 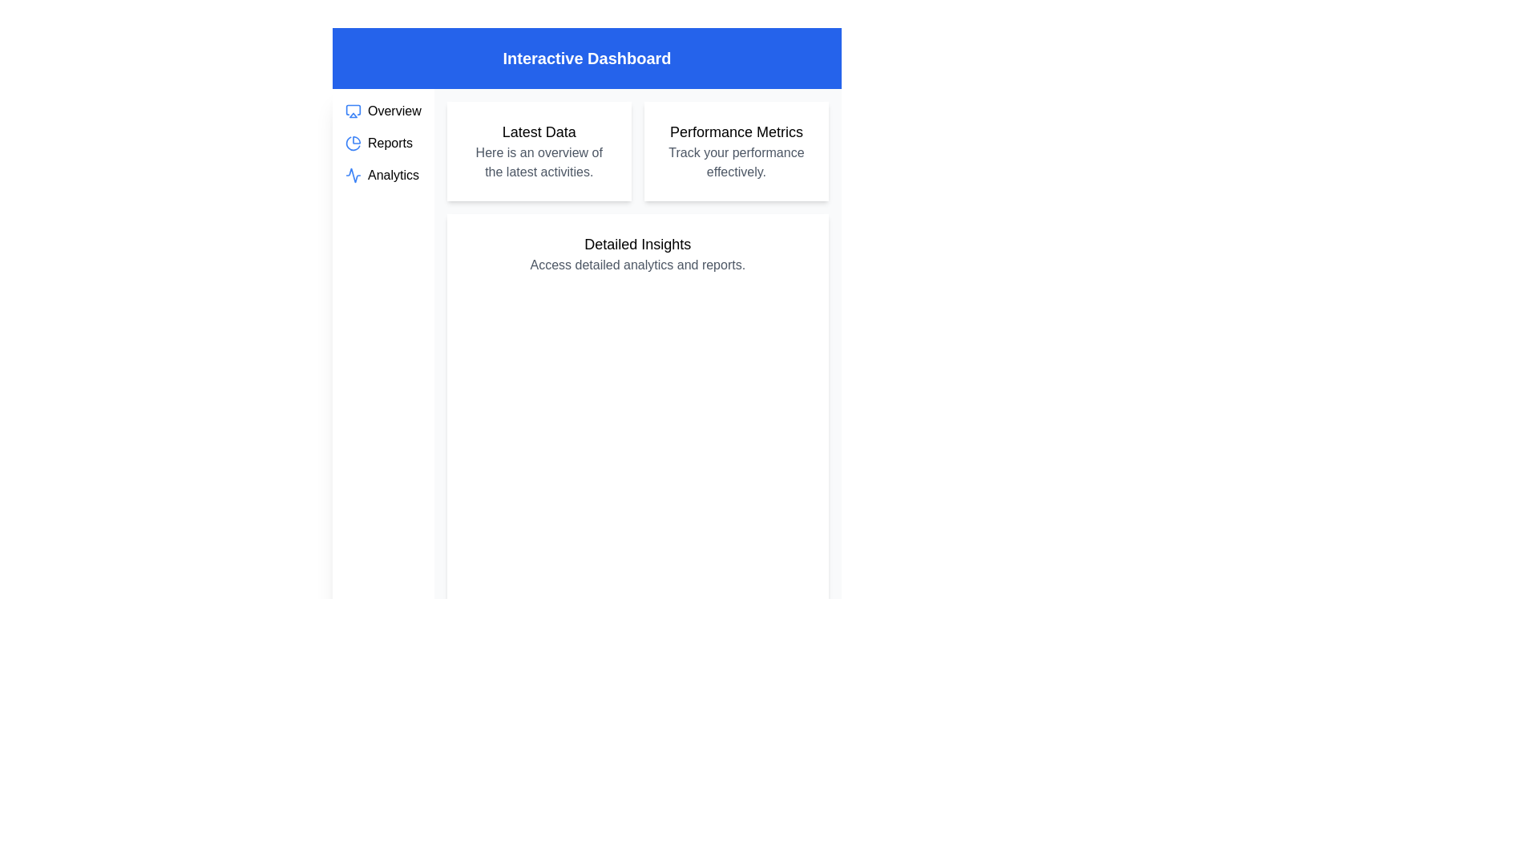 What do you see at coordinates (382, 142) in the screenshot?
I see `the 'Reports' label in the vertical navigation menu, which is styled with a blue icon and black text, located in the leftmost sidebar of the application interface` at bounding box center [382, 142].